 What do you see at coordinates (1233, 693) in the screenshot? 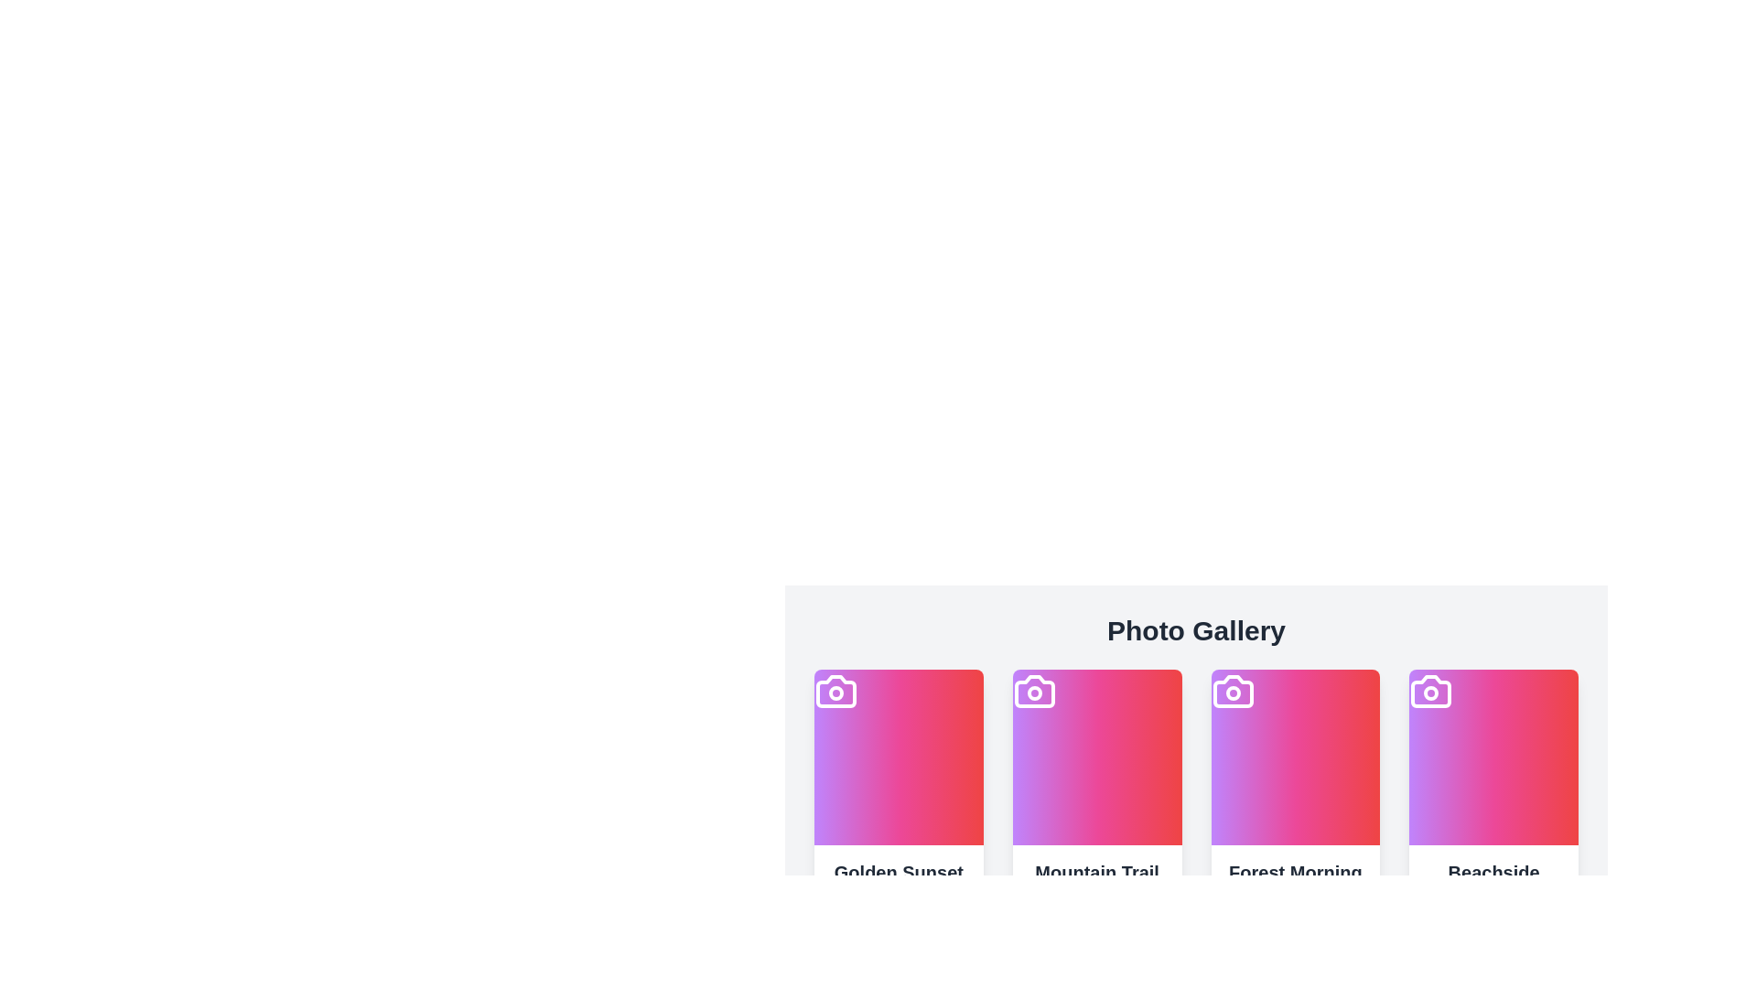
I see `the small circular shape with a white border located near the center of the camera icon on the third card in a horizontal gallery of four cards` at bounding box center [1233, 693].